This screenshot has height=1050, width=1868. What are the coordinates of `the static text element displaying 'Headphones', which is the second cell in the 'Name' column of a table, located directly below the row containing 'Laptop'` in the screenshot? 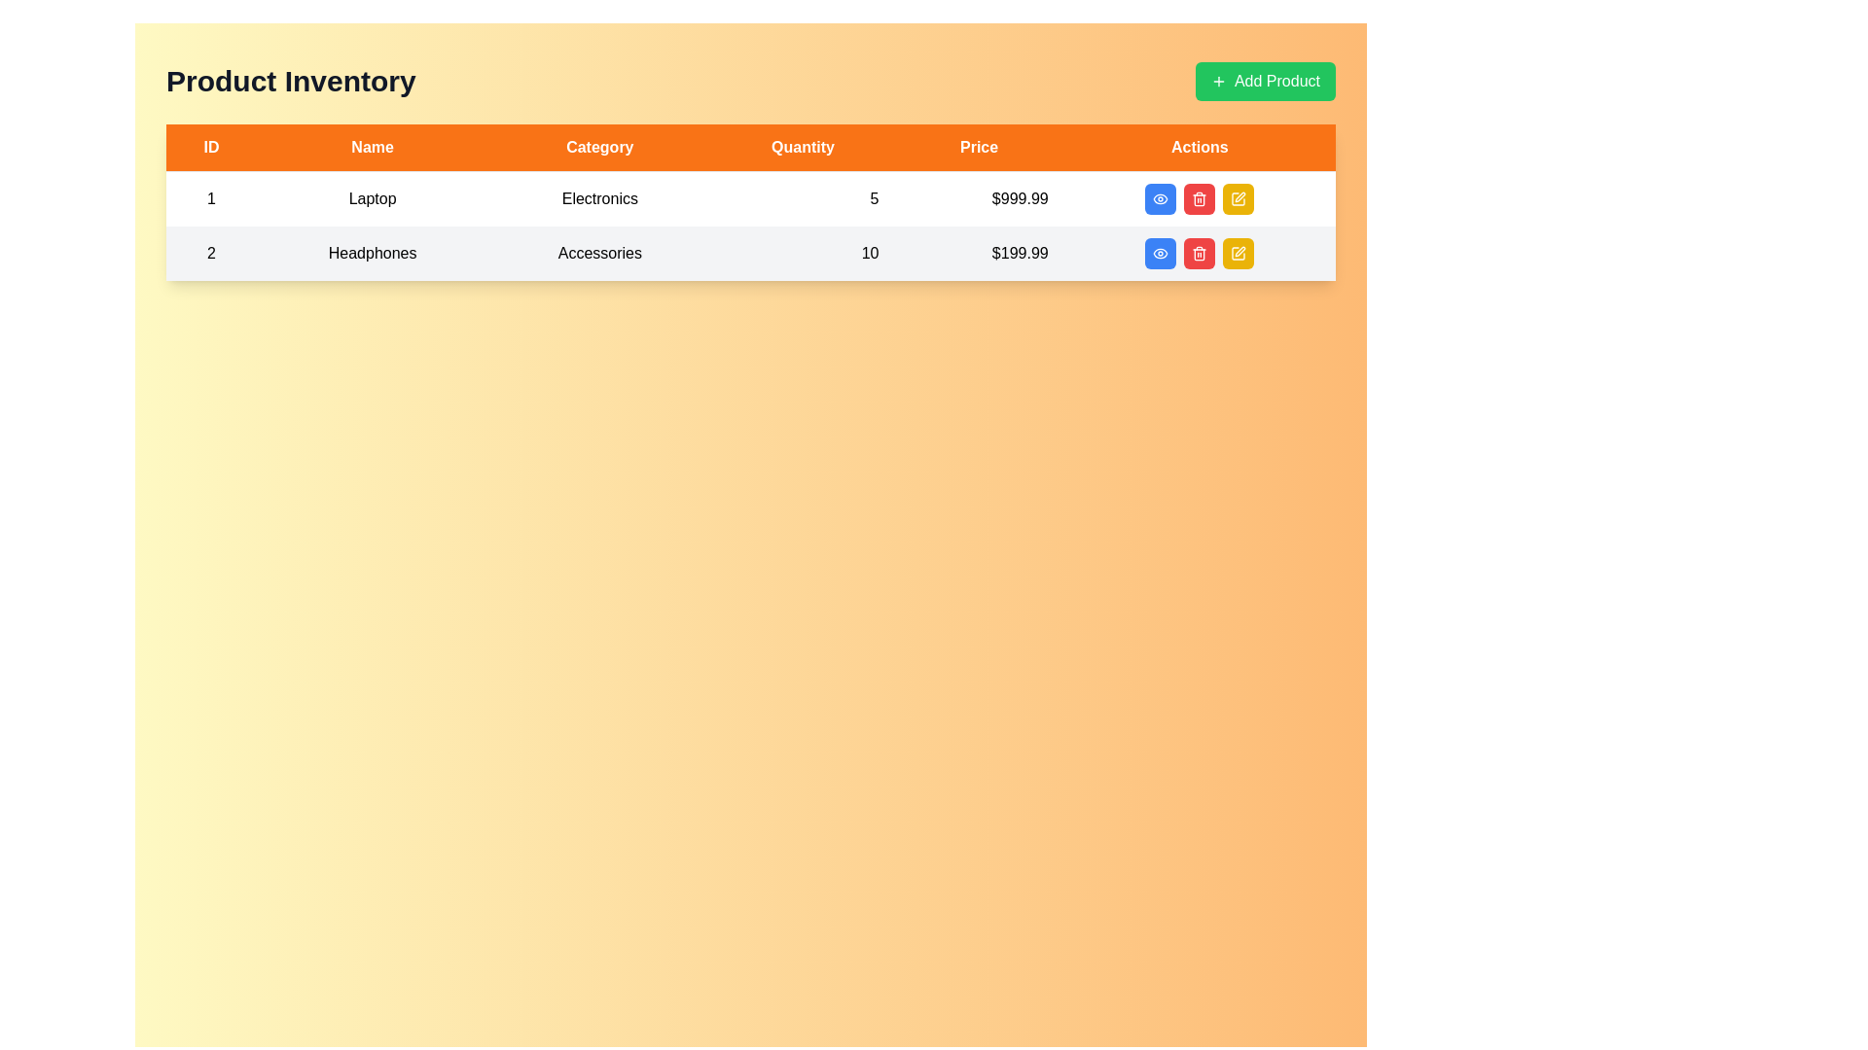 It's located at (373, 253).